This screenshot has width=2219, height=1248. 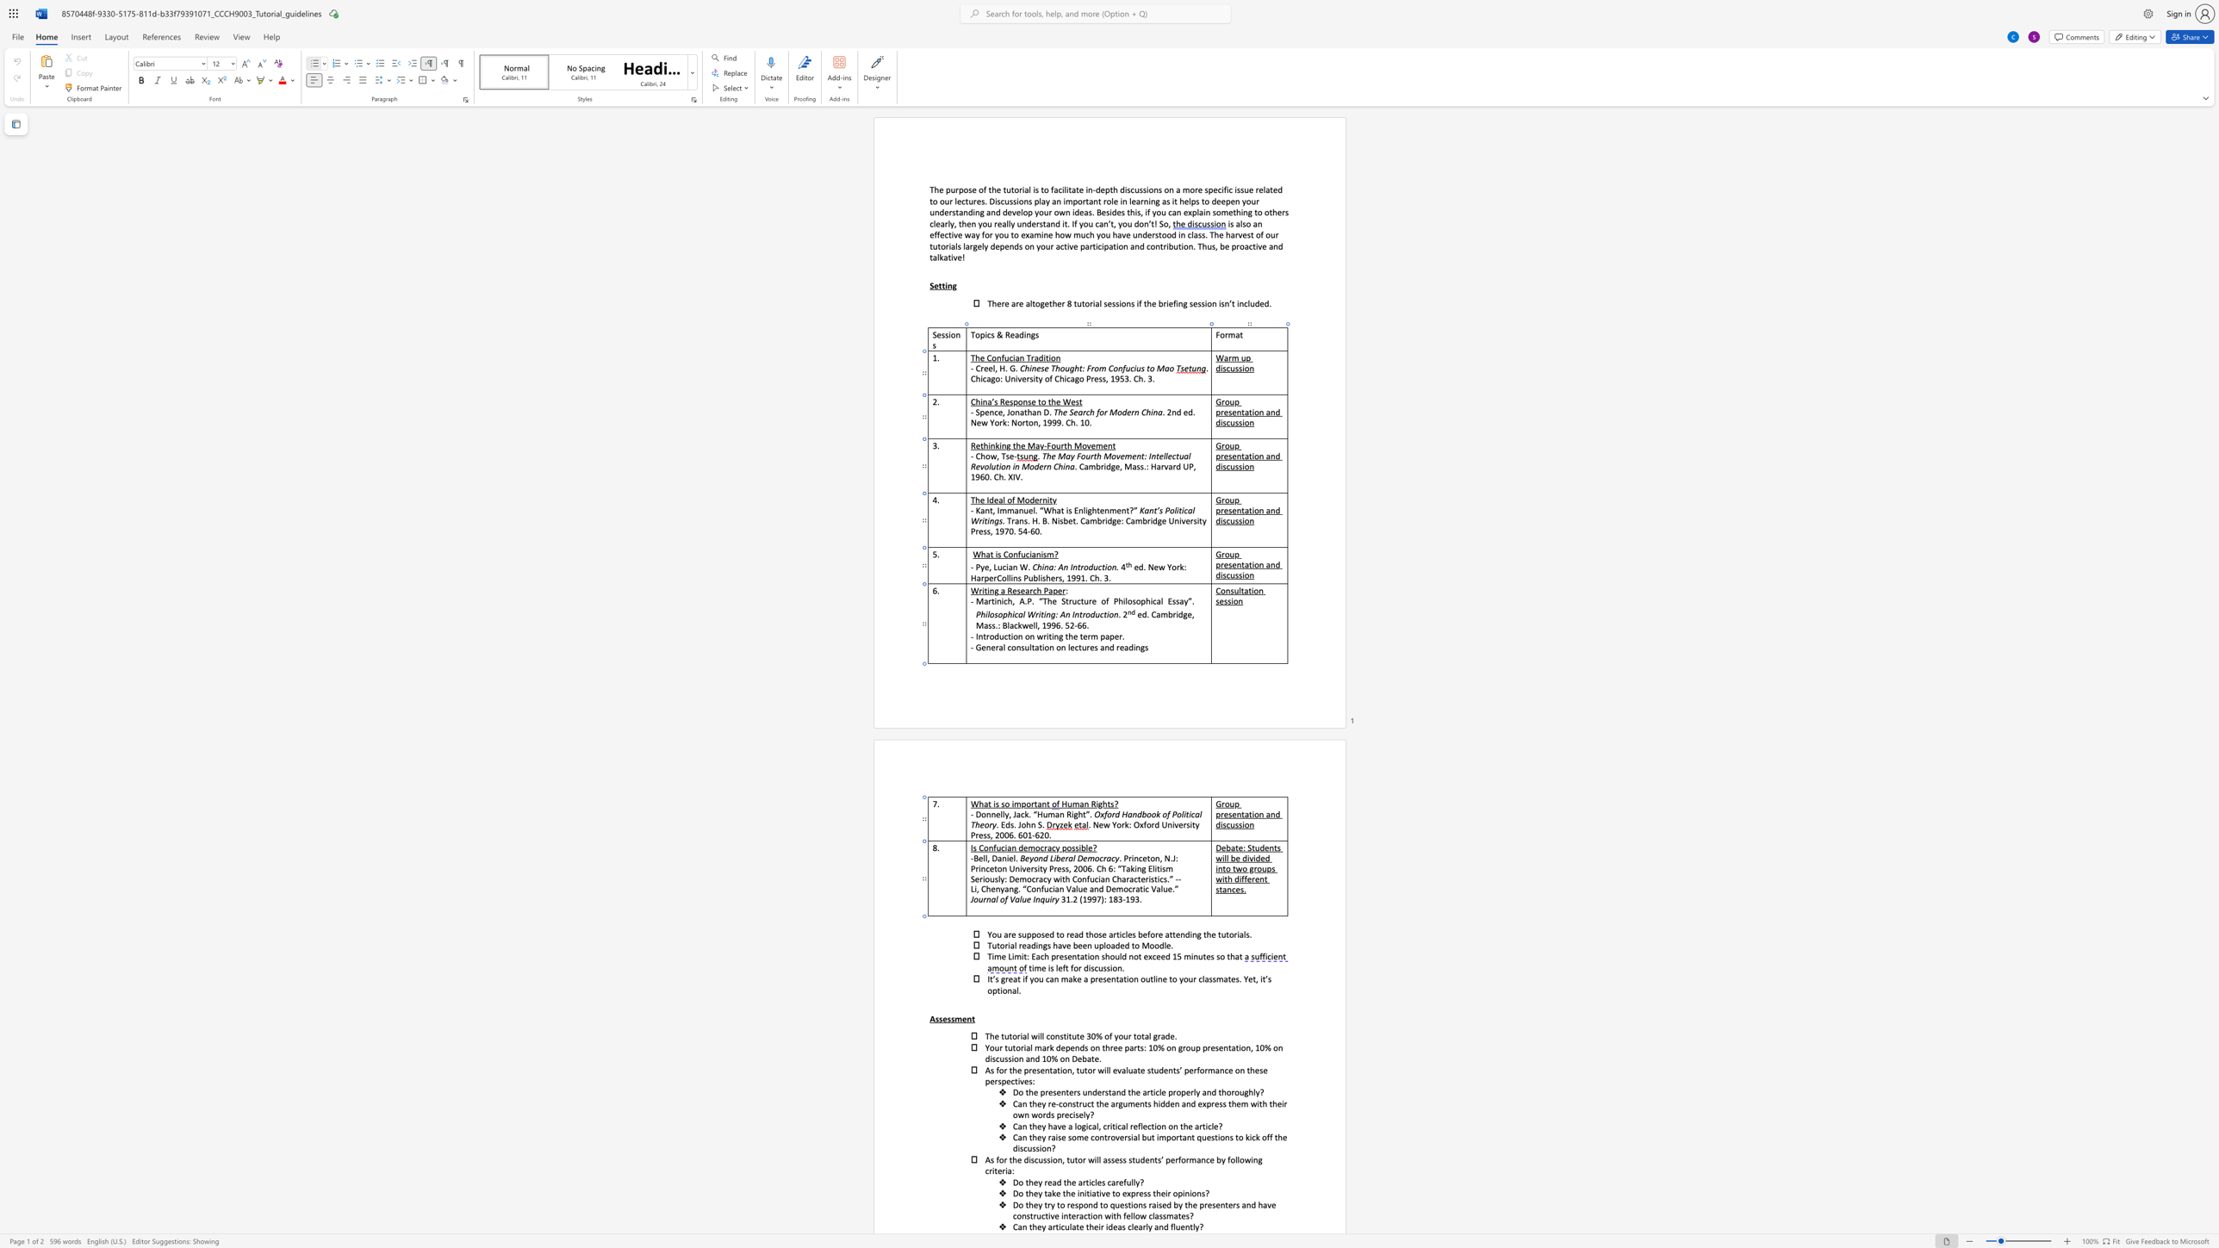 I want to click on the 3th character "n" in the text, so click(x=1142, y=1102).